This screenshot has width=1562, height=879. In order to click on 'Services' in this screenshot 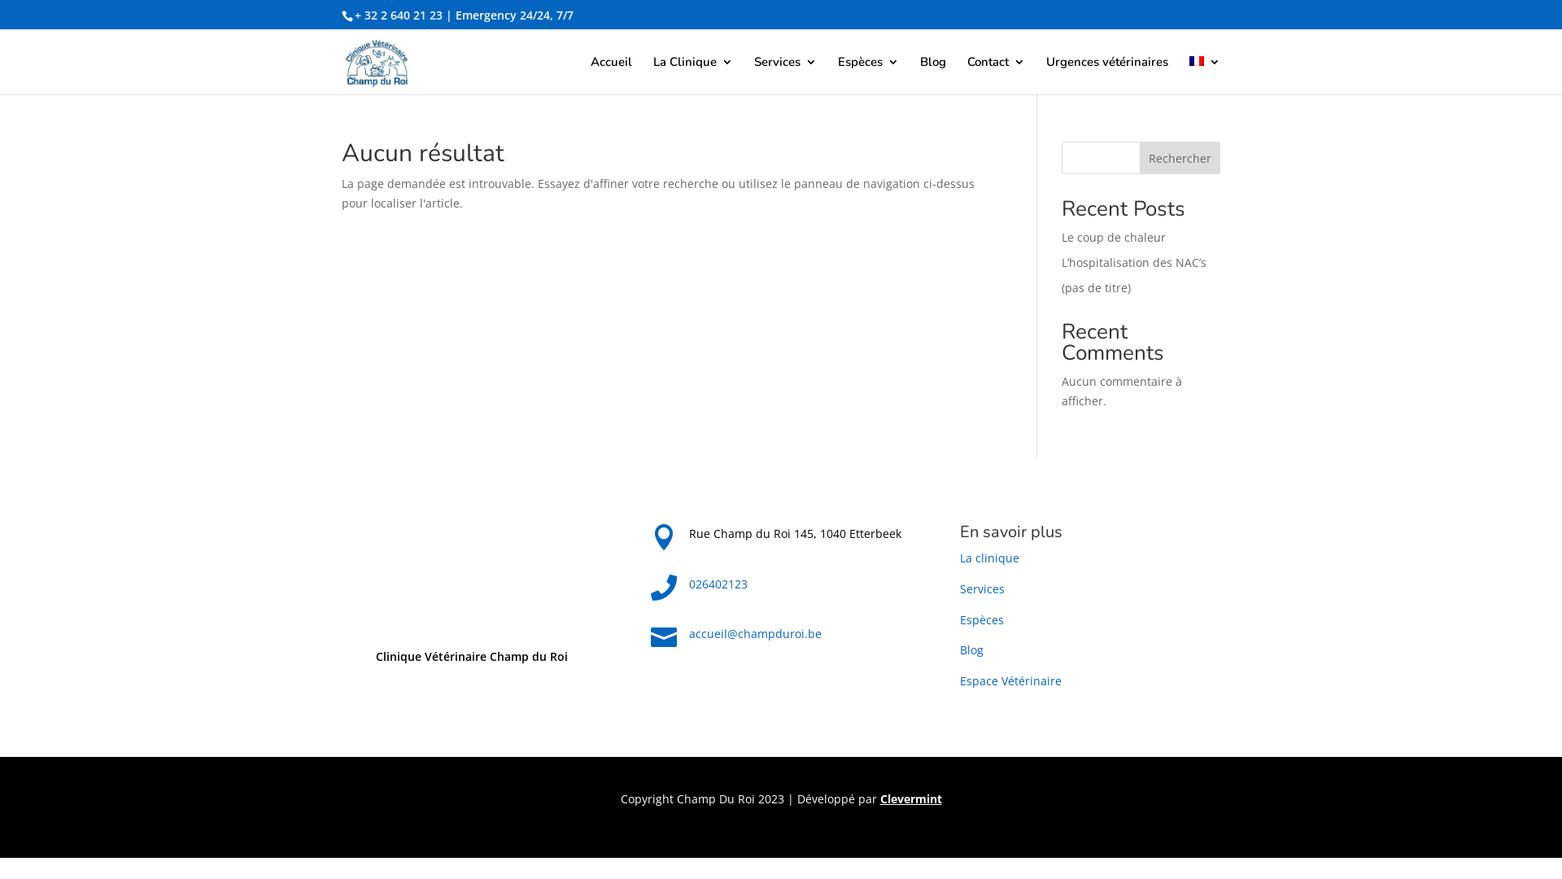, I will do `click(981, 588)`.